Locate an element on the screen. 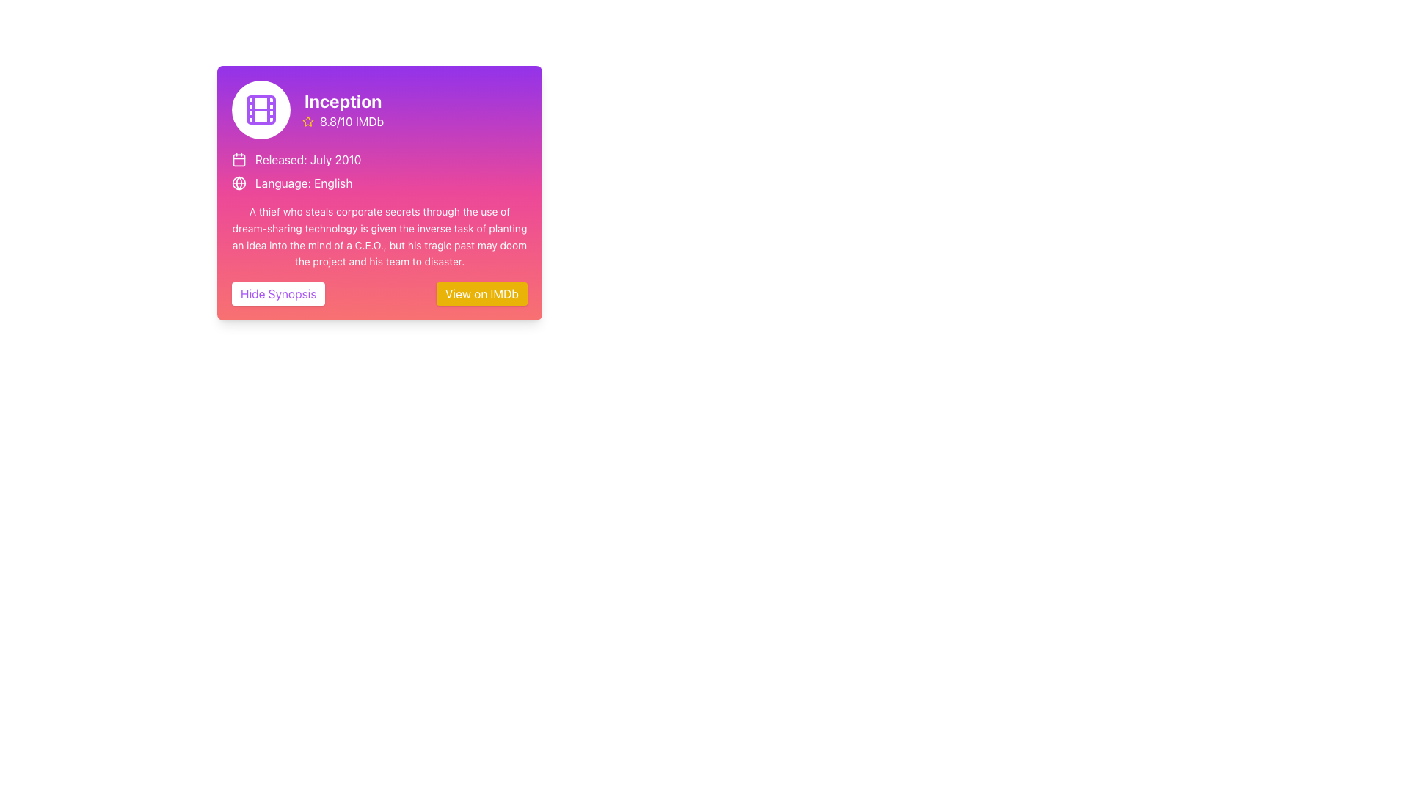 Image resolution: width=1409 pixels, height=792 pixels. the stylized yellow star SVG icon with a hollow center, located near the top-left section of the interface under the title 'Inception' is located at coordinates (307, 120).